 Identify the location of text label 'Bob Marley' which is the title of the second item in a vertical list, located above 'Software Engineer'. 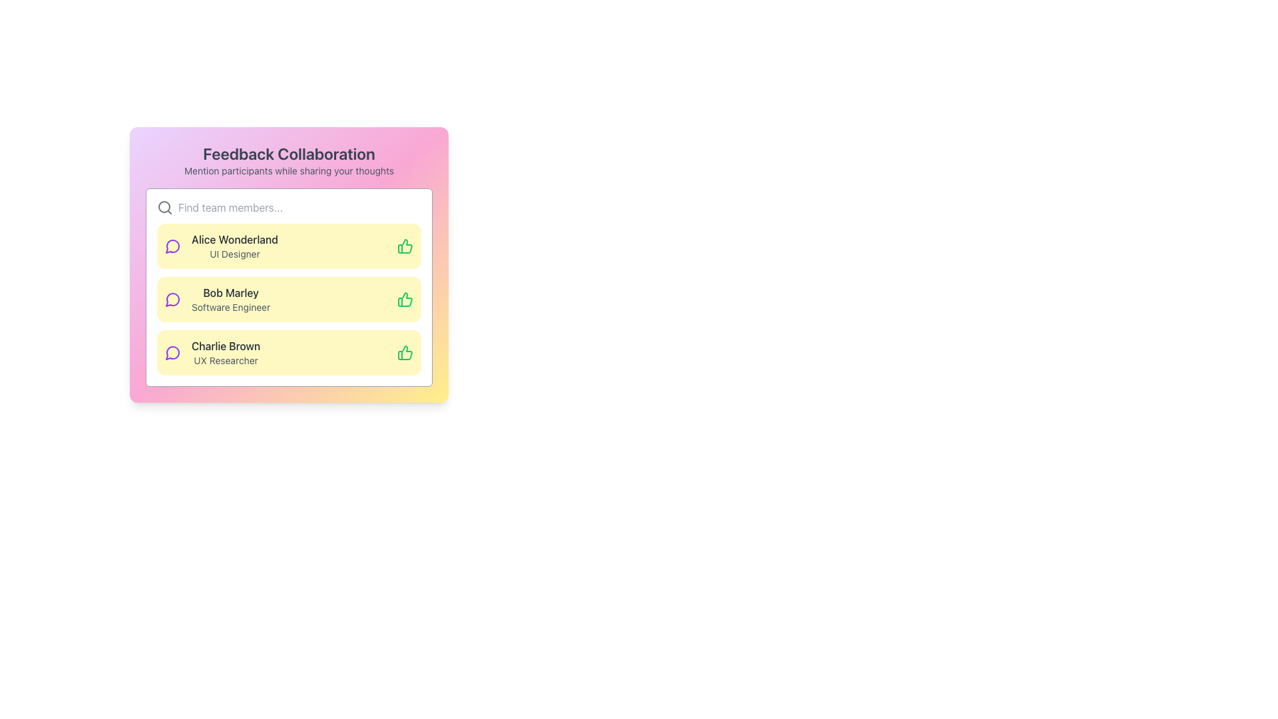
(231, 292).